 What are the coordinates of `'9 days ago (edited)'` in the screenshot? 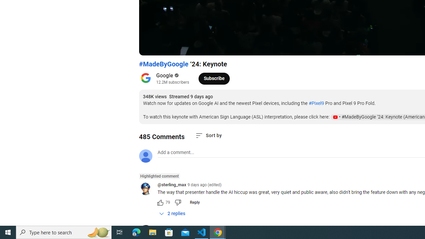 It's located at (204, 185).